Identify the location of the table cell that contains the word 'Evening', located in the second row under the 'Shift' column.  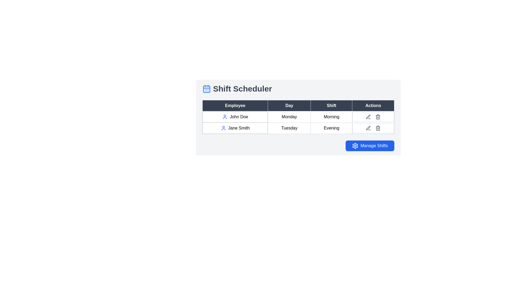
(331, 128).